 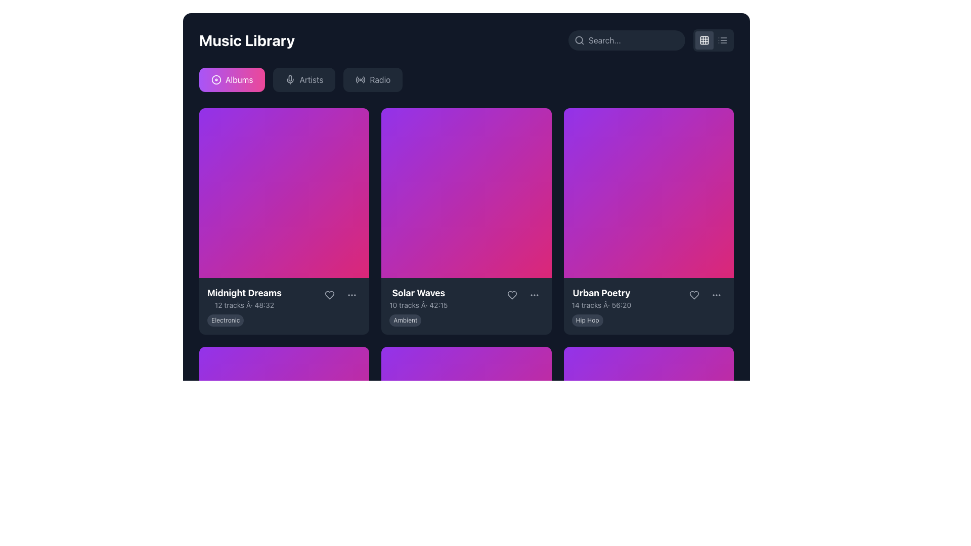 What do you see at coordinates (418, 298) in the screenshot?
I see `the Text Display element that shows 'Solar Waves' in bold white text and '10 tracks · 42:15' in smaller gray text, located in the middle column below the album cover` at bounding box center [418, 298].